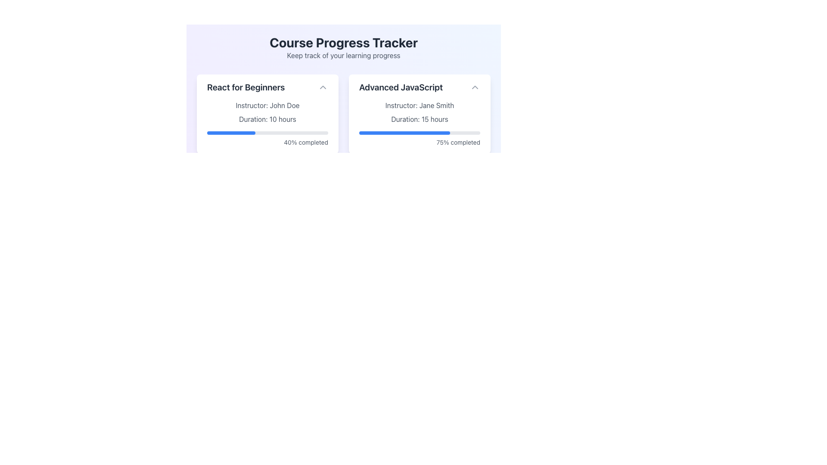  I want to click on the text label that states 'Course Progress Tracker' with subtitle 'Keep track of your learning progress', located at the top-center of the interface, so click(343, 48).